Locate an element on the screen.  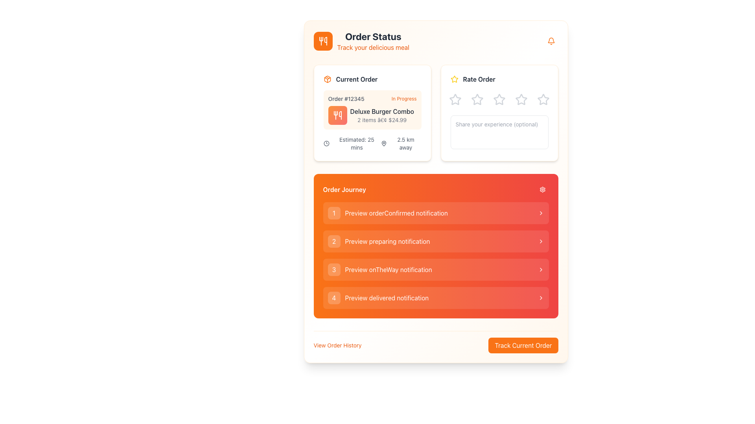
the button labeled '4' is located at coordinates (334, 298).